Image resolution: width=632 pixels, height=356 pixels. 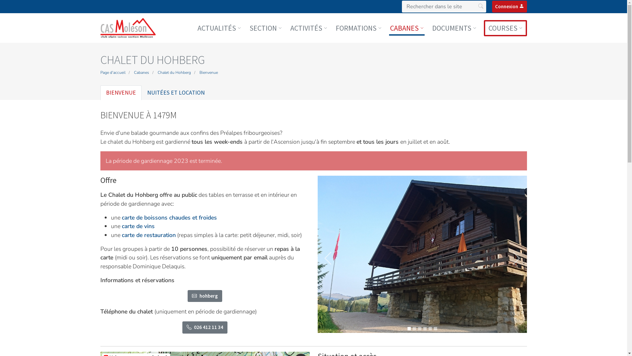 I want to click on 'Chalet du Hohberg', so click(x=174, y=72).